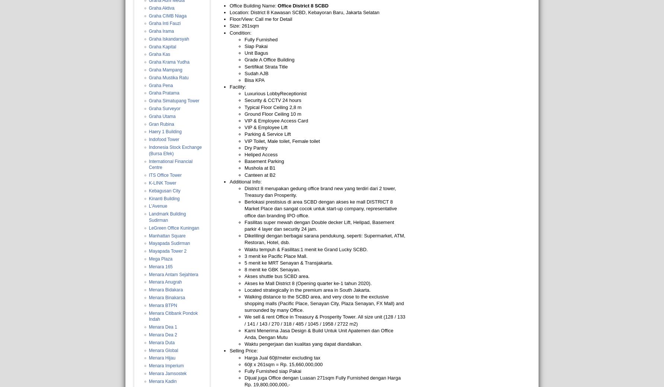 This screenshot has height=387, width=664. What do you see at coordinates (161, 124) in the screenshot?
I see `'Gran Rubina'` at bounding box center [161, 124].